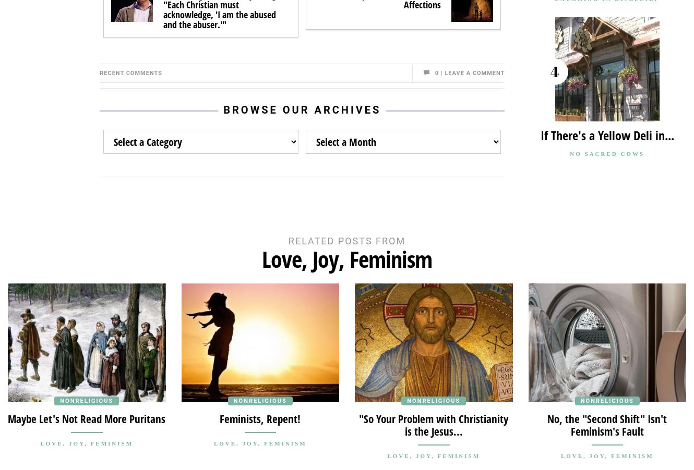 The width and height of the screenshot is (694, 470). What do you see at coordinates (606, 135) in the screenshot?
I see `'If There's a Yellow Deli in...'` at bounding box center [606, 135].